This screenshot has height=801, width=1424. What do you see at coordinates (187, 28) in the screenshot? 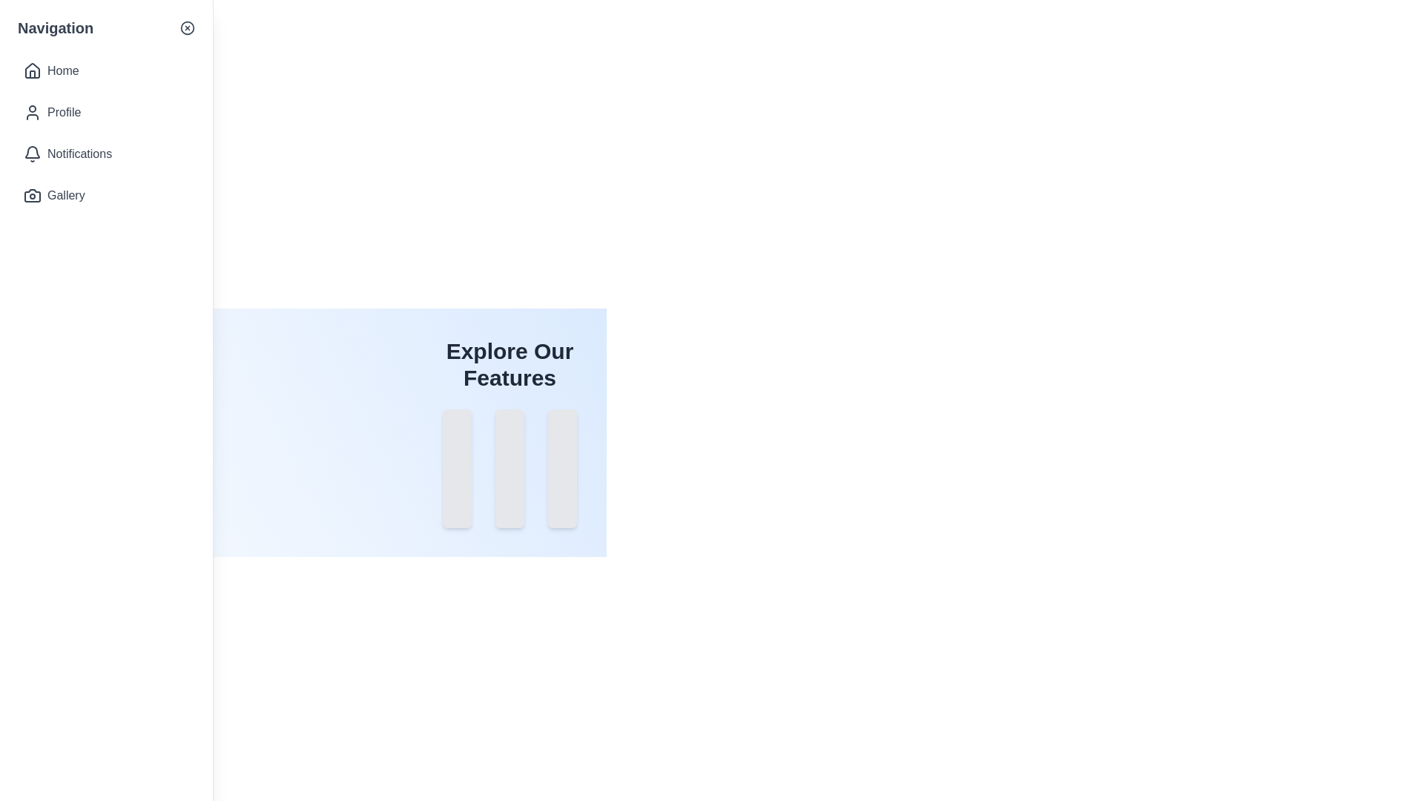
I see `the interactive circular icon button in the top-right area of the navigation section to change its color from gray to red` at bounding box center [187, 28].